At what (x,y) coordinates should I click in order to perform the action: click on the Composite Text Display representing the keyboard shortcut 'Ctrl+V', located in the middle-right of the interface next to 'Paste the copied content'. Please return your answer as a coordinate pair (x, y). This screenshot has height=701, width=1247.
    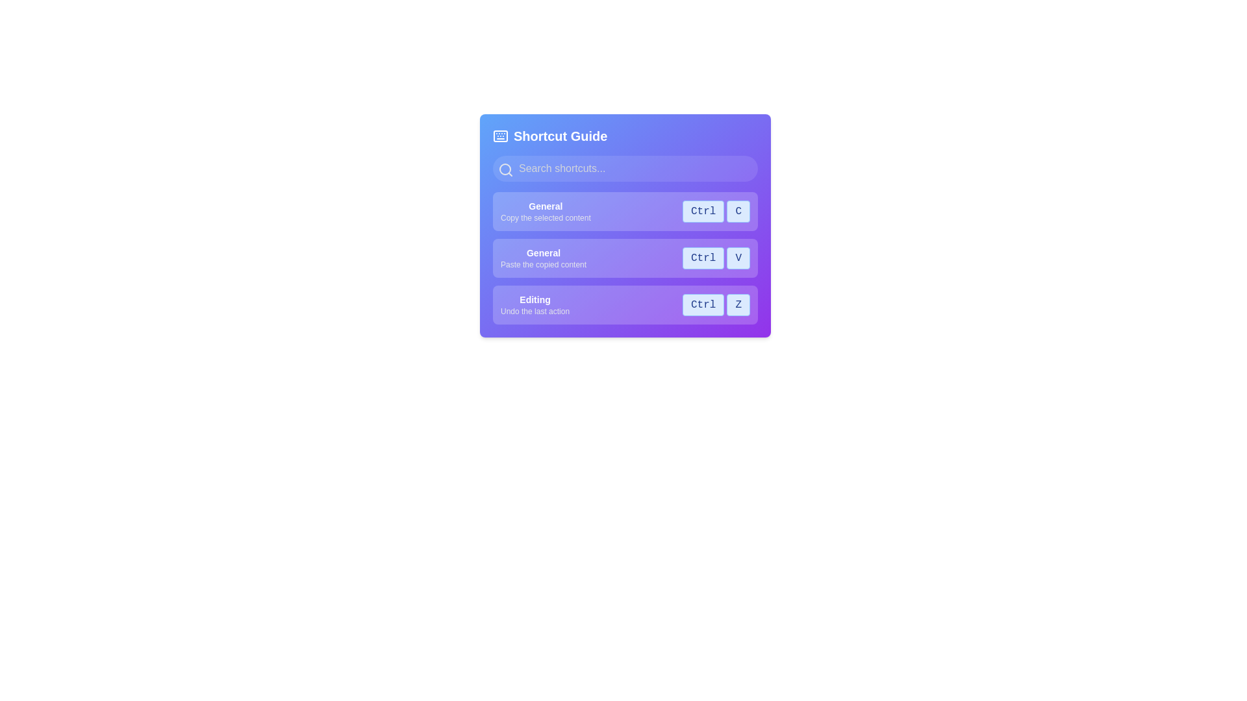
    Looking at the image, I should click on (716, 258).